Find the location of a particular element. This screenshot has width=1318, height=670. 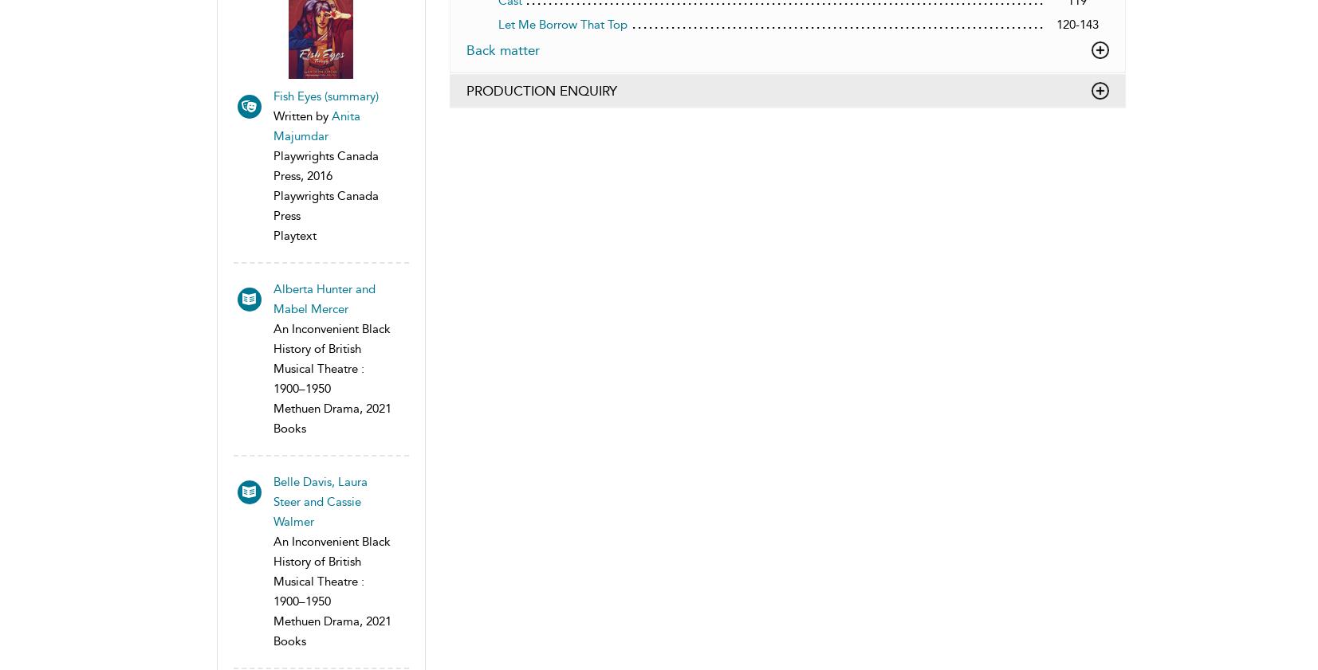

'Playwrights Canada Press' is located at coordinates (272, 205).